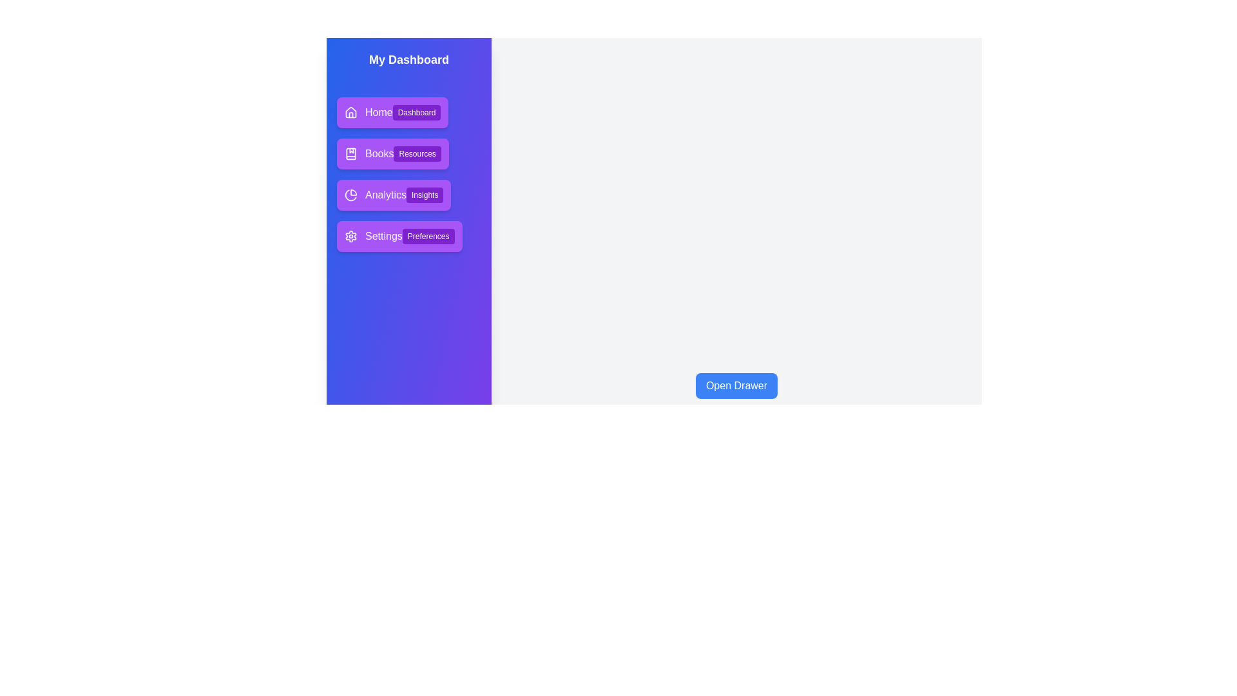  Describe the element at coordinates (393, 195) in the screenshot. I see `the menu item Analytics to select it` at that location.